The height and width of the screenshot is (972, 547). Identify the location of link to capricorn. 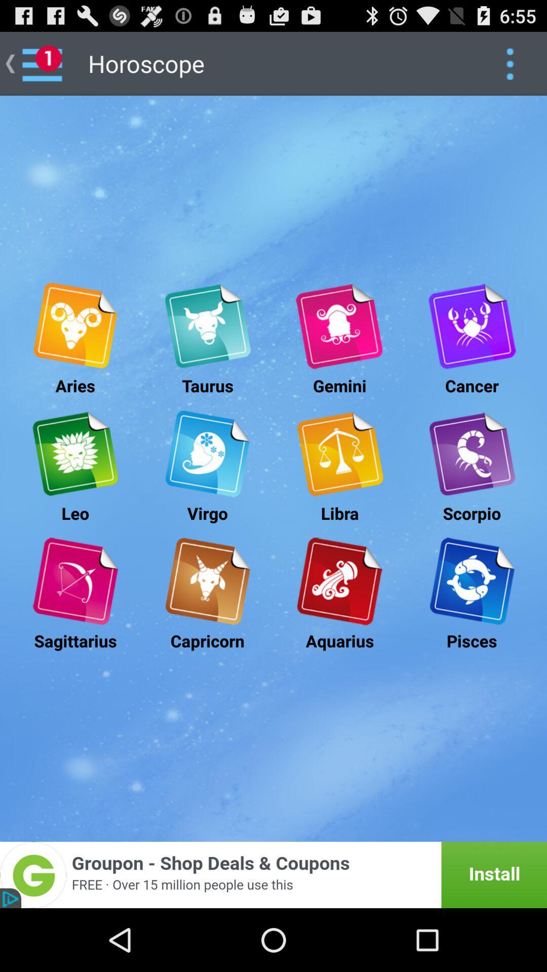
(207, 581).